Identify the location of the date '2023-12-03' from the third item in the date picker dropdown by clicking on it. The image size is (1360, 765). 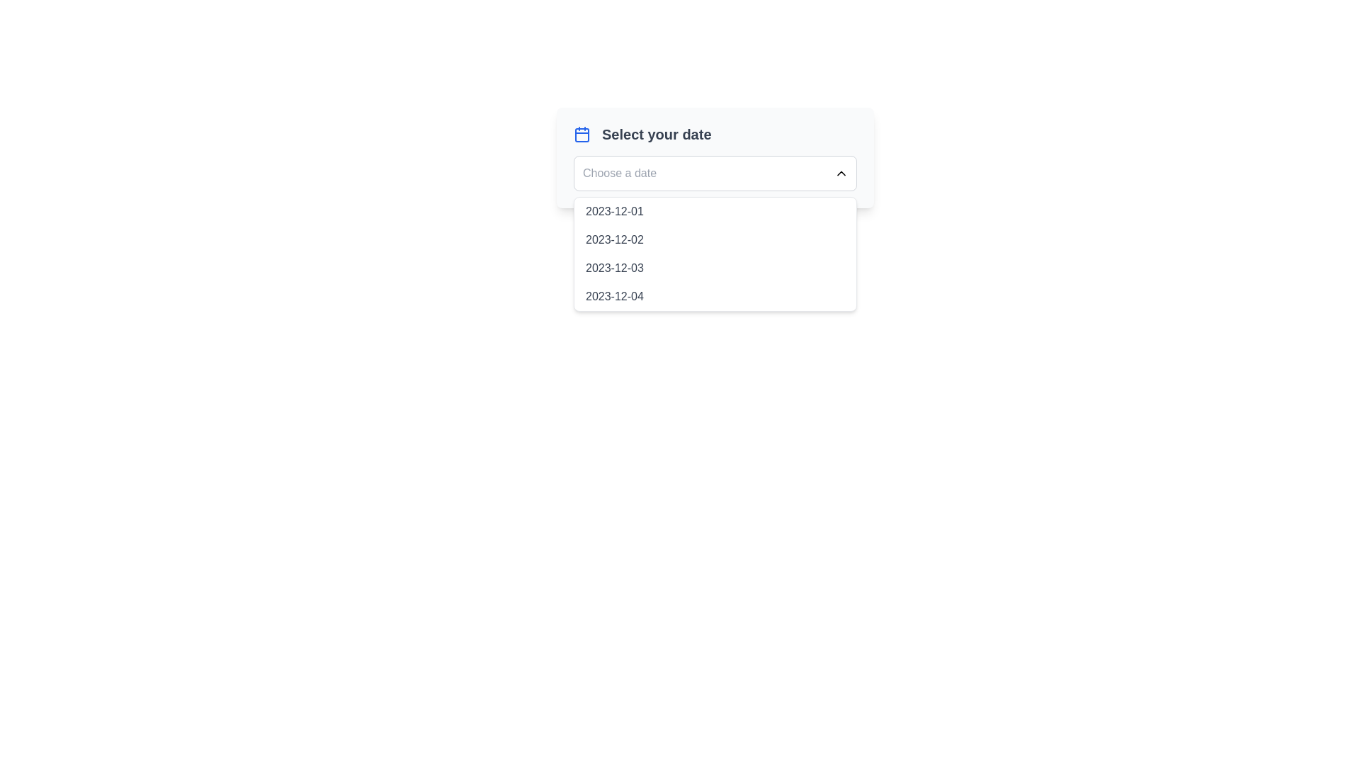
(715, 268).